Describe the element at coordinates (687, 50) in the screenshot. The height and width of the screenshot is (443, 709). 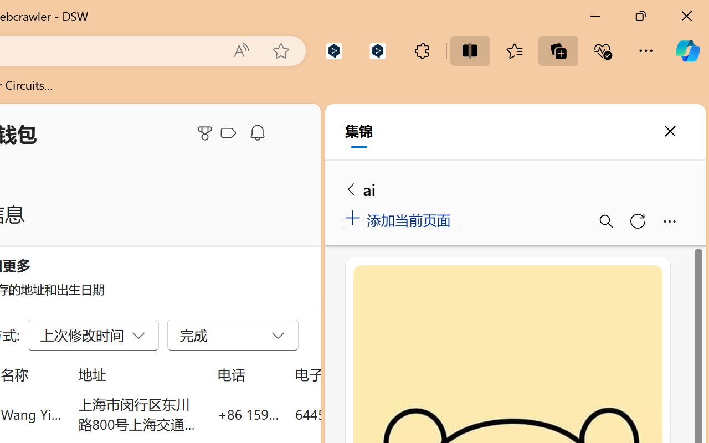
I see `'Copilot (Ctrl+Shift+.)'` at that location.